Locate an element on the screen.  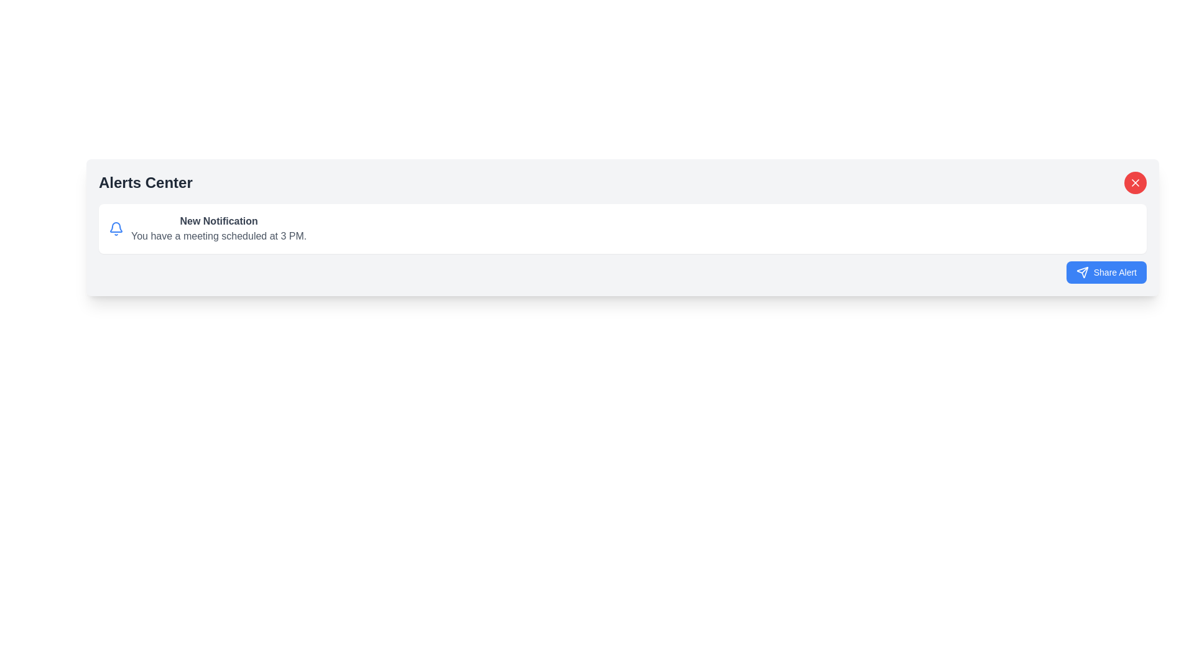
the text element that conveys the details of an upcoming meeting scheduled at 3 PM is located at coordinates (219, 236).